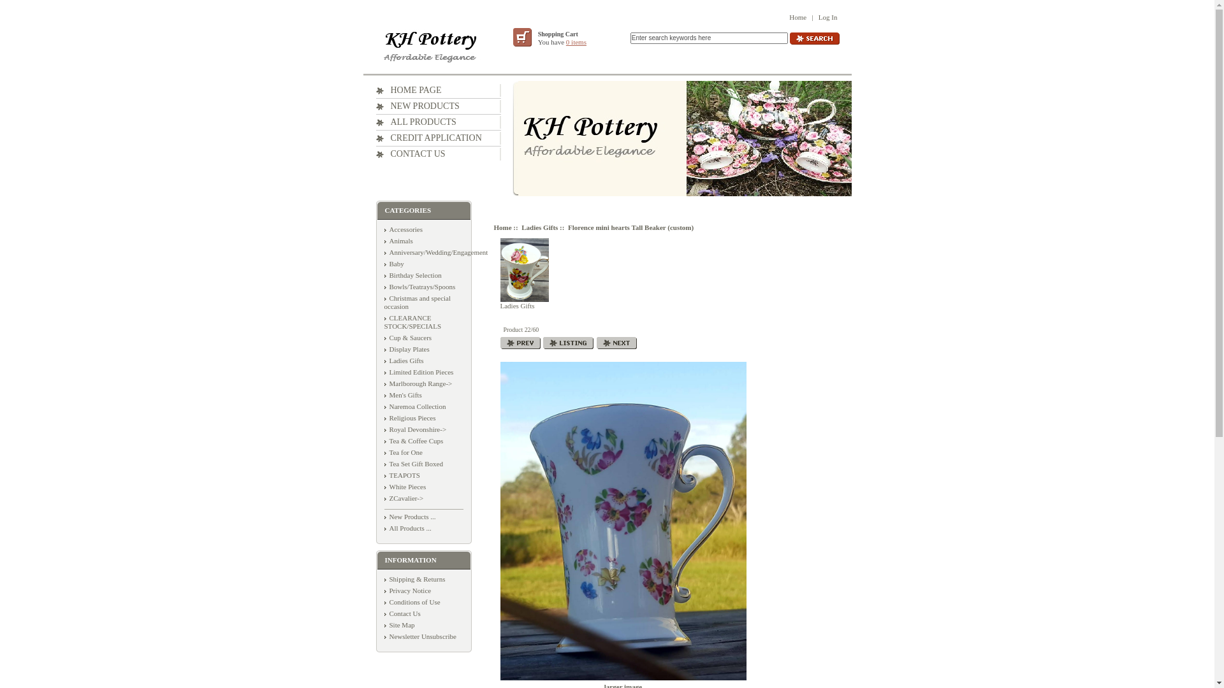  What do you see at coordinates (402, 451) in the screenshot?
I see `'Tea for One'` at bounding box center [402, 451].